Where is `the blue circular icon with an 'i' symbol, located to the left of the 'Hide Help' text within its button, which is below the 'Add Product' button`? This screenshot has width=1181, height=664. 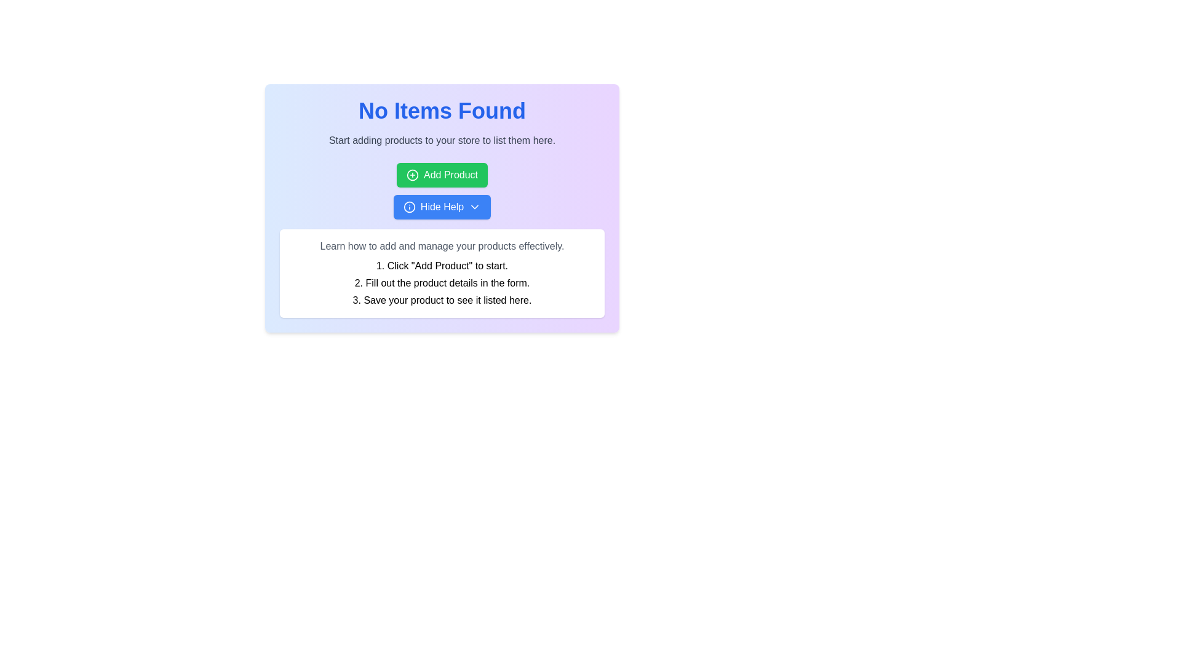
the blue circular icon with an 'i' symbol, located to the left of the 'Hide Help' text within its button, which is below the 'Add Product' button is located at coordinates (409, 206).